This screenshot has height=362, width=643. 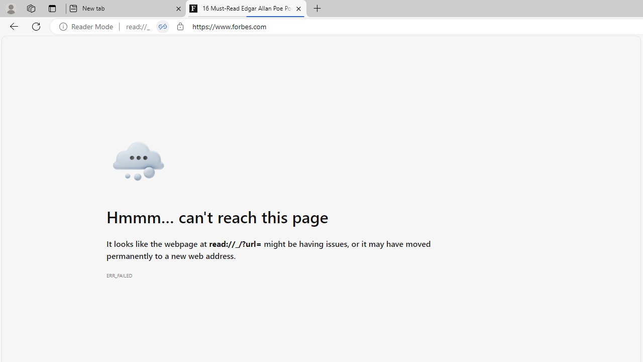 I want to click on 'Reader Mode', so click(x=89, y=26).